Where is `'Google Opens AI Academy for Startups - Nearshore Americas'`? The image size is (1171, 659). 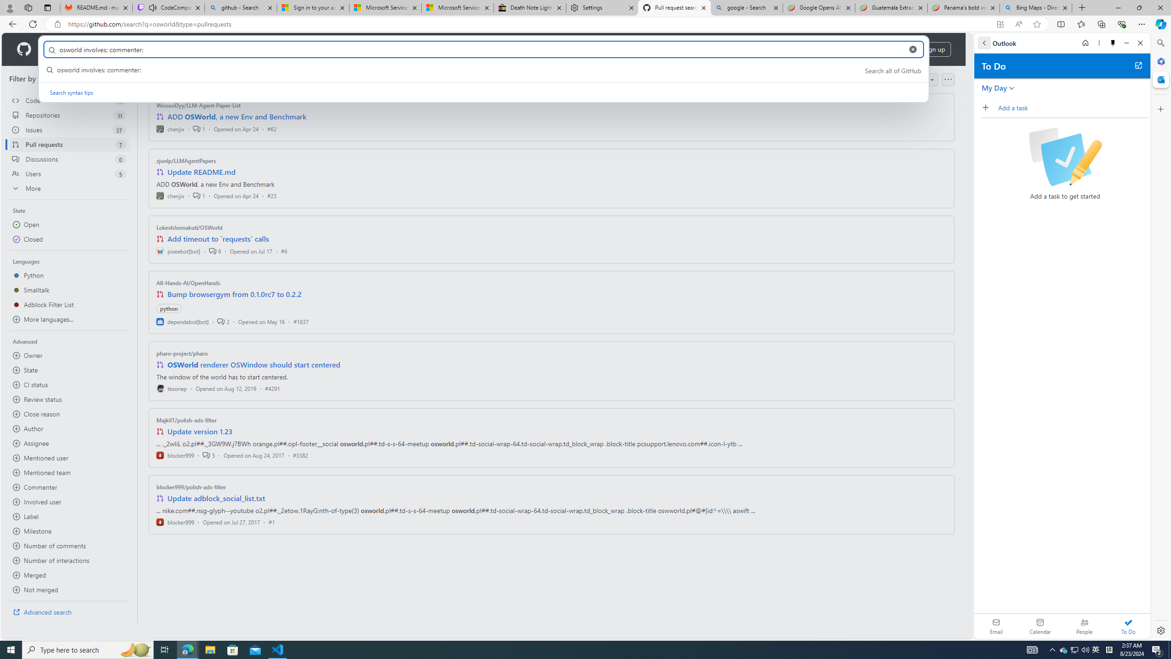
'Google Opens AI Academy for Startups - Nearshore Americas' is located at coordinates (818, 7).